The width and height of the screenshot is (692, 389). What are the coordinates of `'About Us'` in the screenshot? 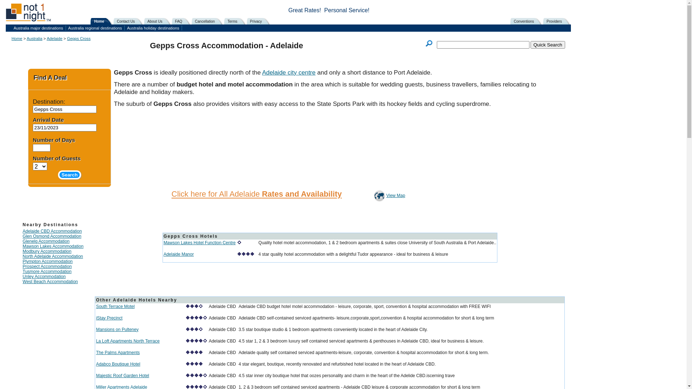 It's located at (158, 21).